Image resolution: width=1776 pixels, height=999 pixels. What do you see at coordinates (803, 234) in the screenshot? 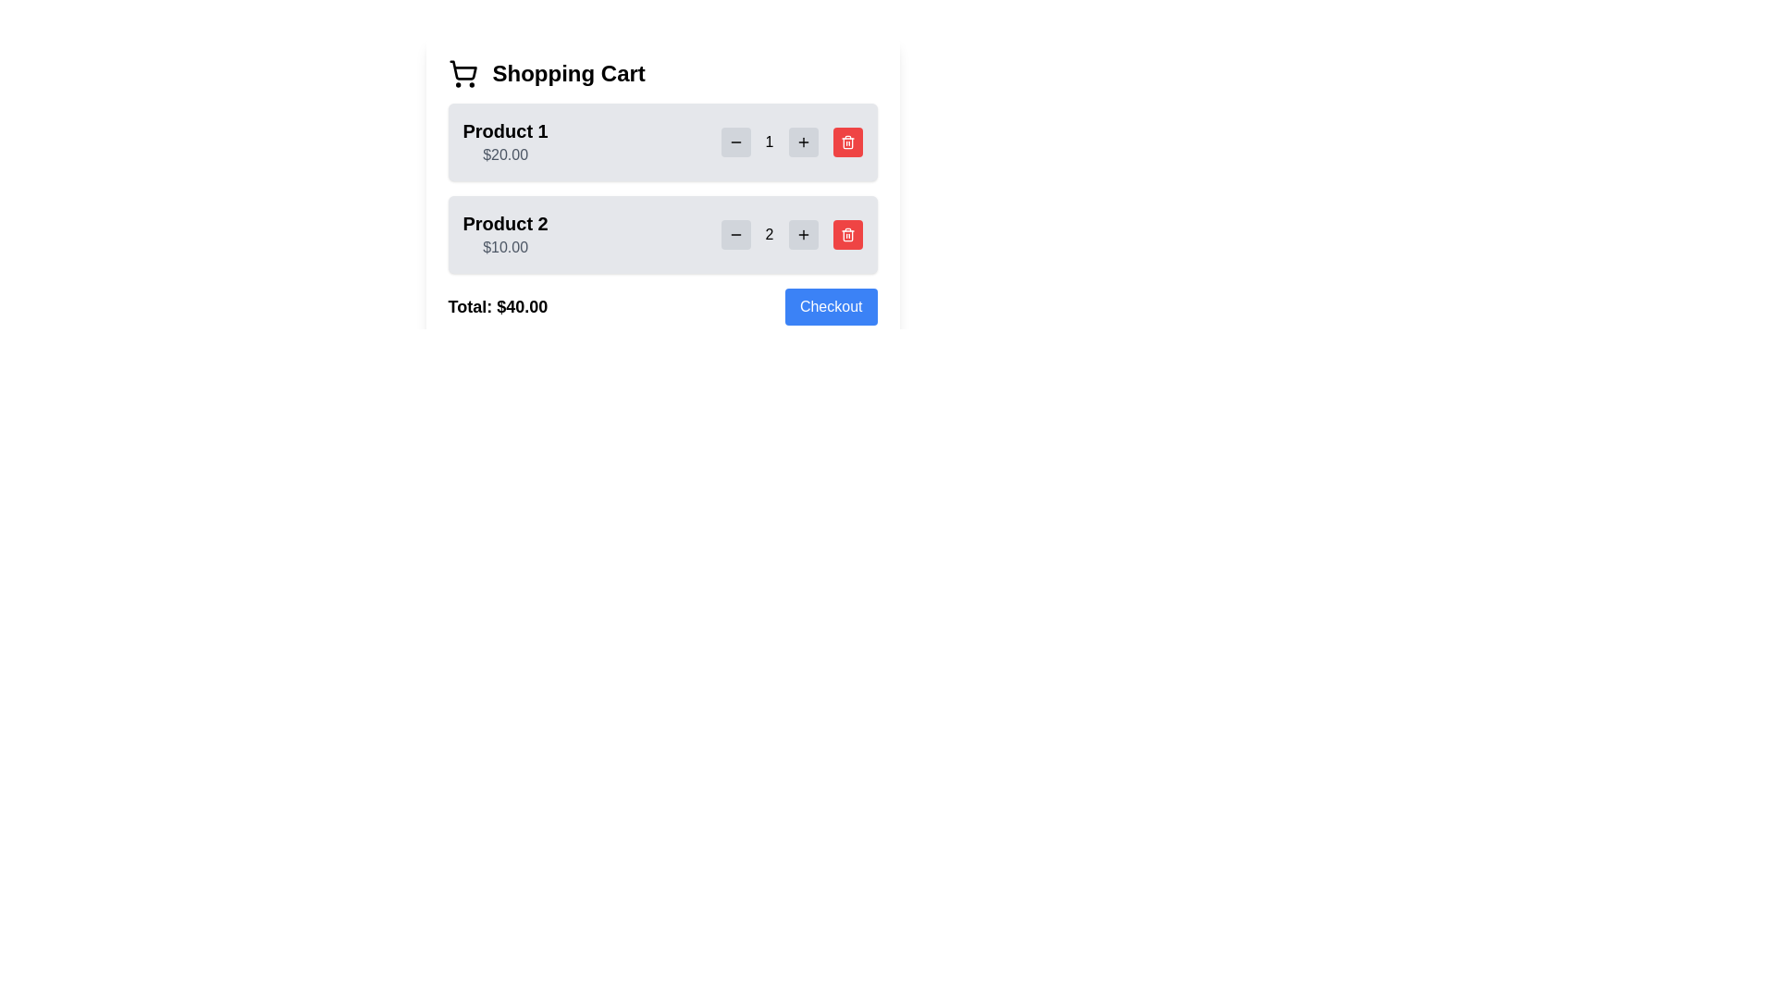
I see `the increment button (plus icon) associated with the second product in the list, located to the right of the quantity display` at bounding box center [803, 234].